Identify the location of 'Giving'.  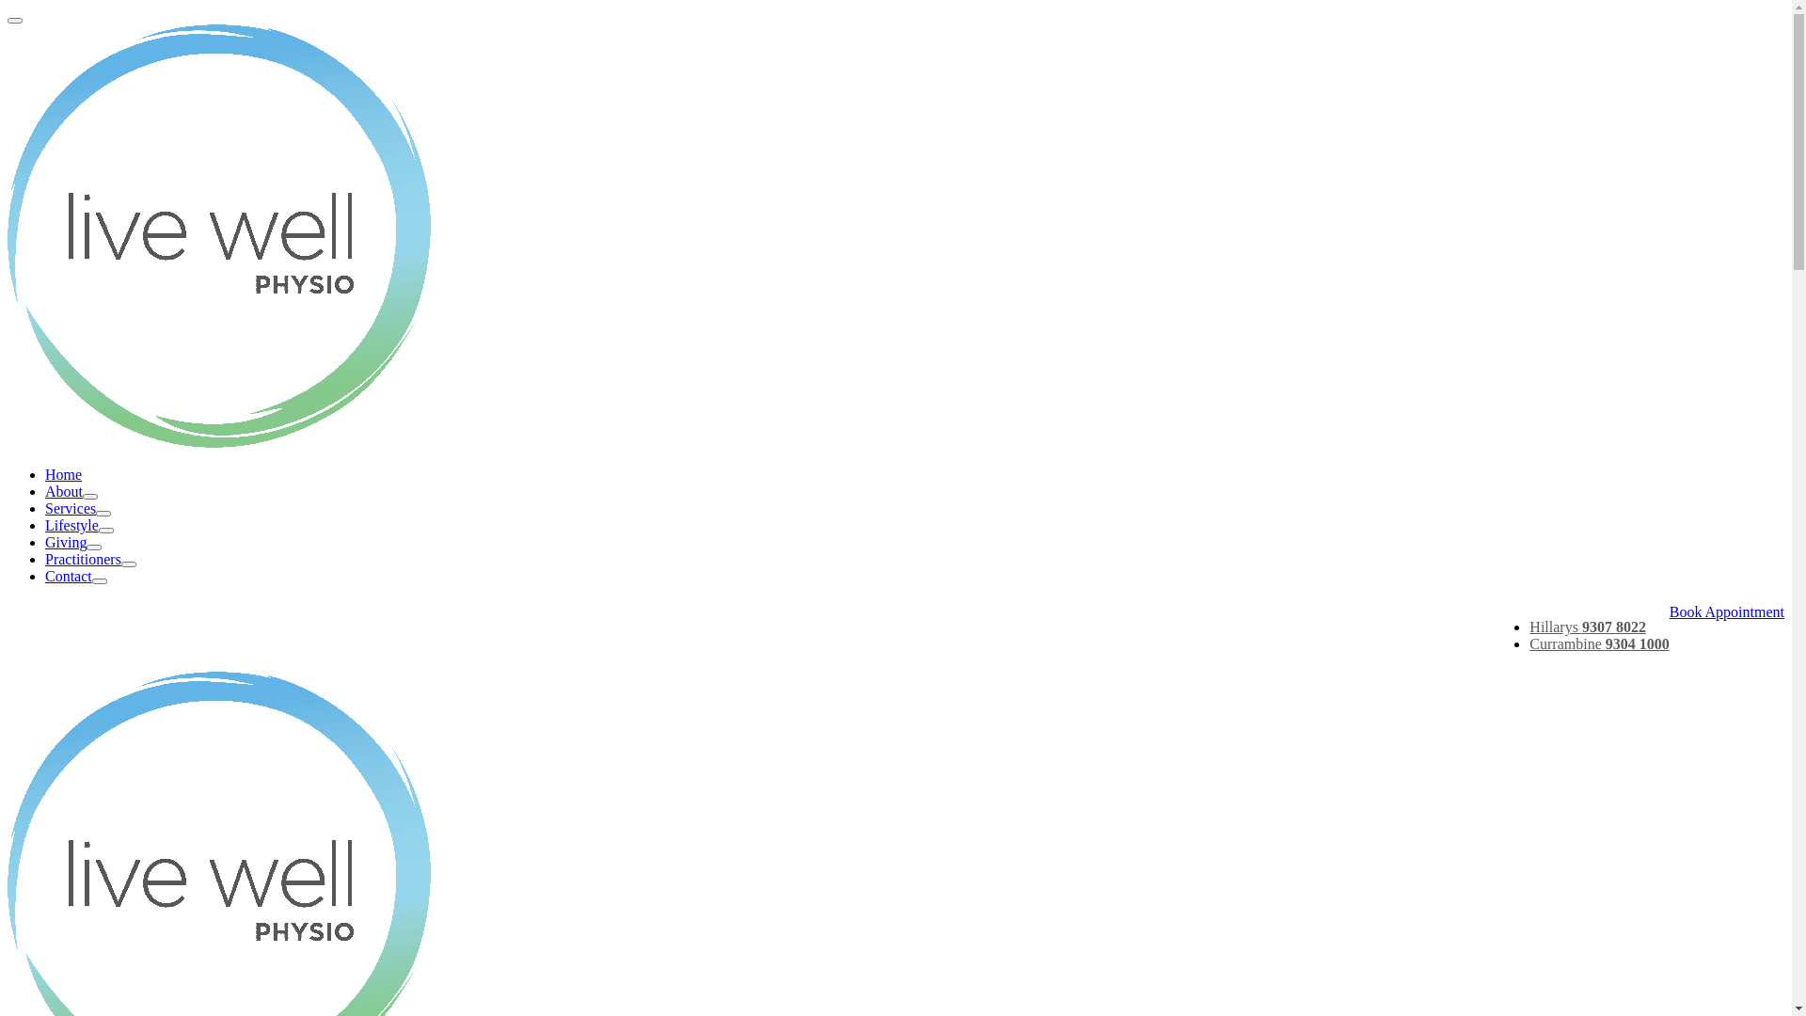
(72, 542).